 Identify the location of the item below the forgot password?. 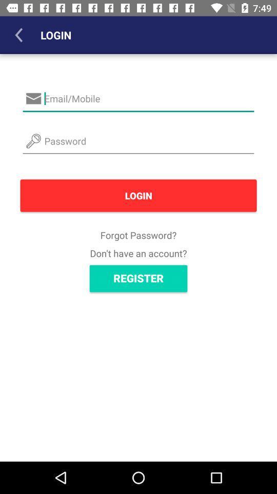
(138, 253).